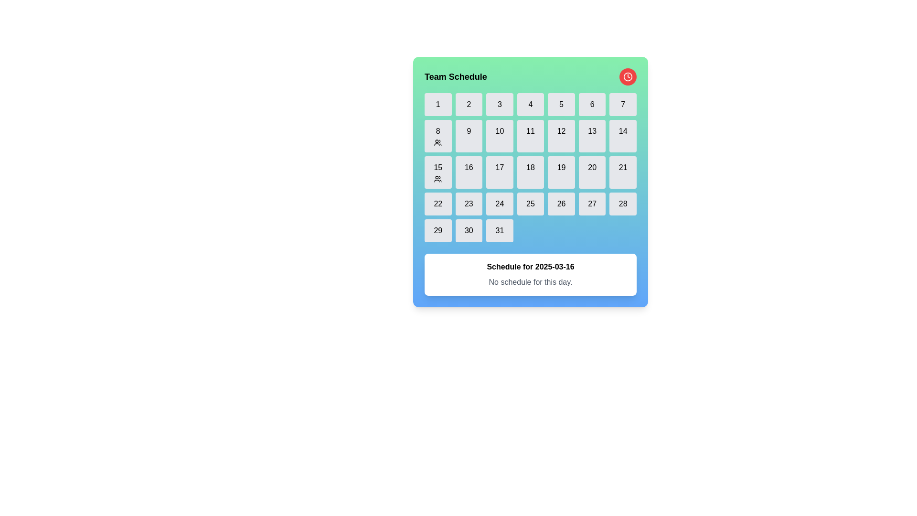 The image size is (917, 516). What do you see at coordinates (437, 105) in the screenshot?
I see `the top-left button labeled '1' in the grid layout` at bounding box center [437, 105].